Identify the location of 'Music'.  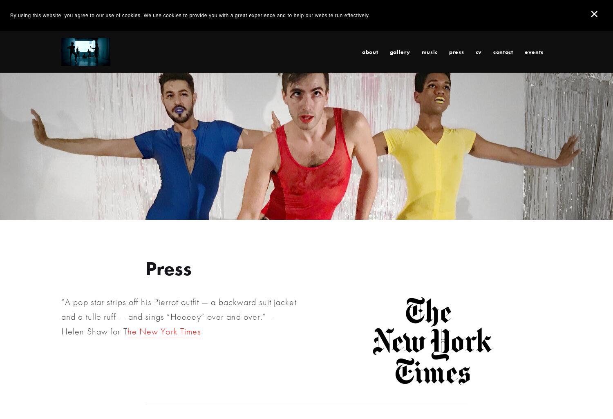
(430, 51).